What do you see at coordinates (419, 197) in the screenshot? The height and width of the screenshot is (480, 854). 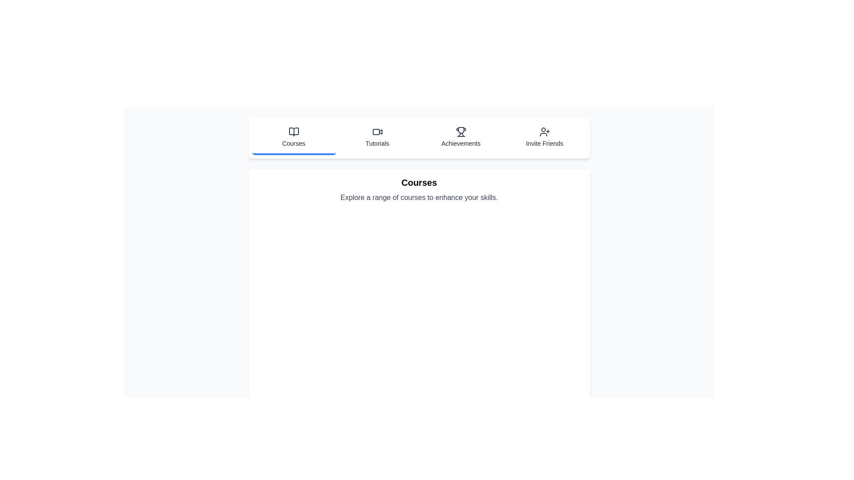 I see `the descriptive text block located directly underneath the 'Courses' heading, positioned towards the center of the page` at bounding box center [419, 197].